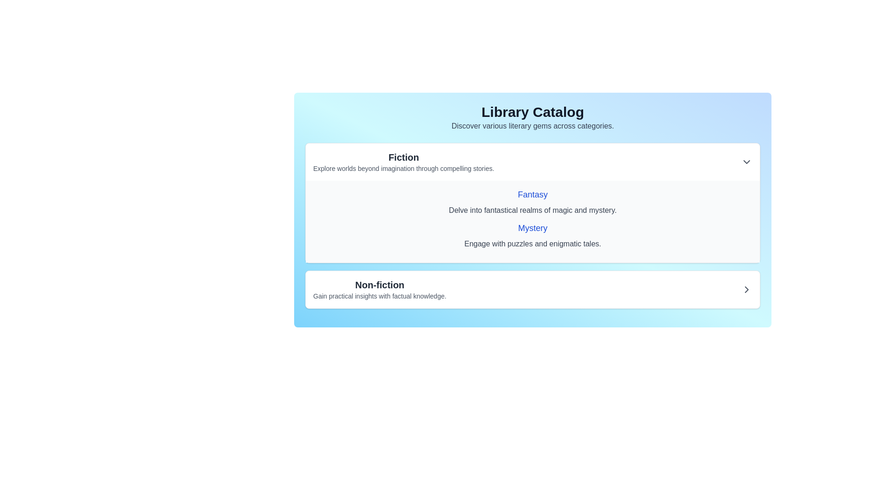  Describe the element at coordinates (532, 289) in the screenshot. I see `the 'Non-fiction' category card, which is the fourth entry in a vertically aligned list of sections, to provide a visual cue for interaction` at that location.